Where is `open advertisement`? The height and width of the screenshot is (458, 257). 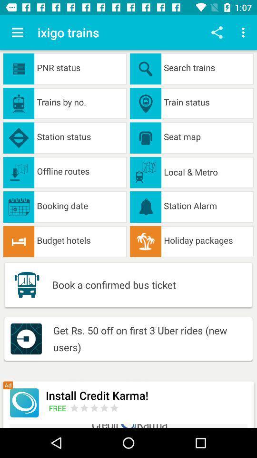
open advertisement is located at coordinates (94, 407).